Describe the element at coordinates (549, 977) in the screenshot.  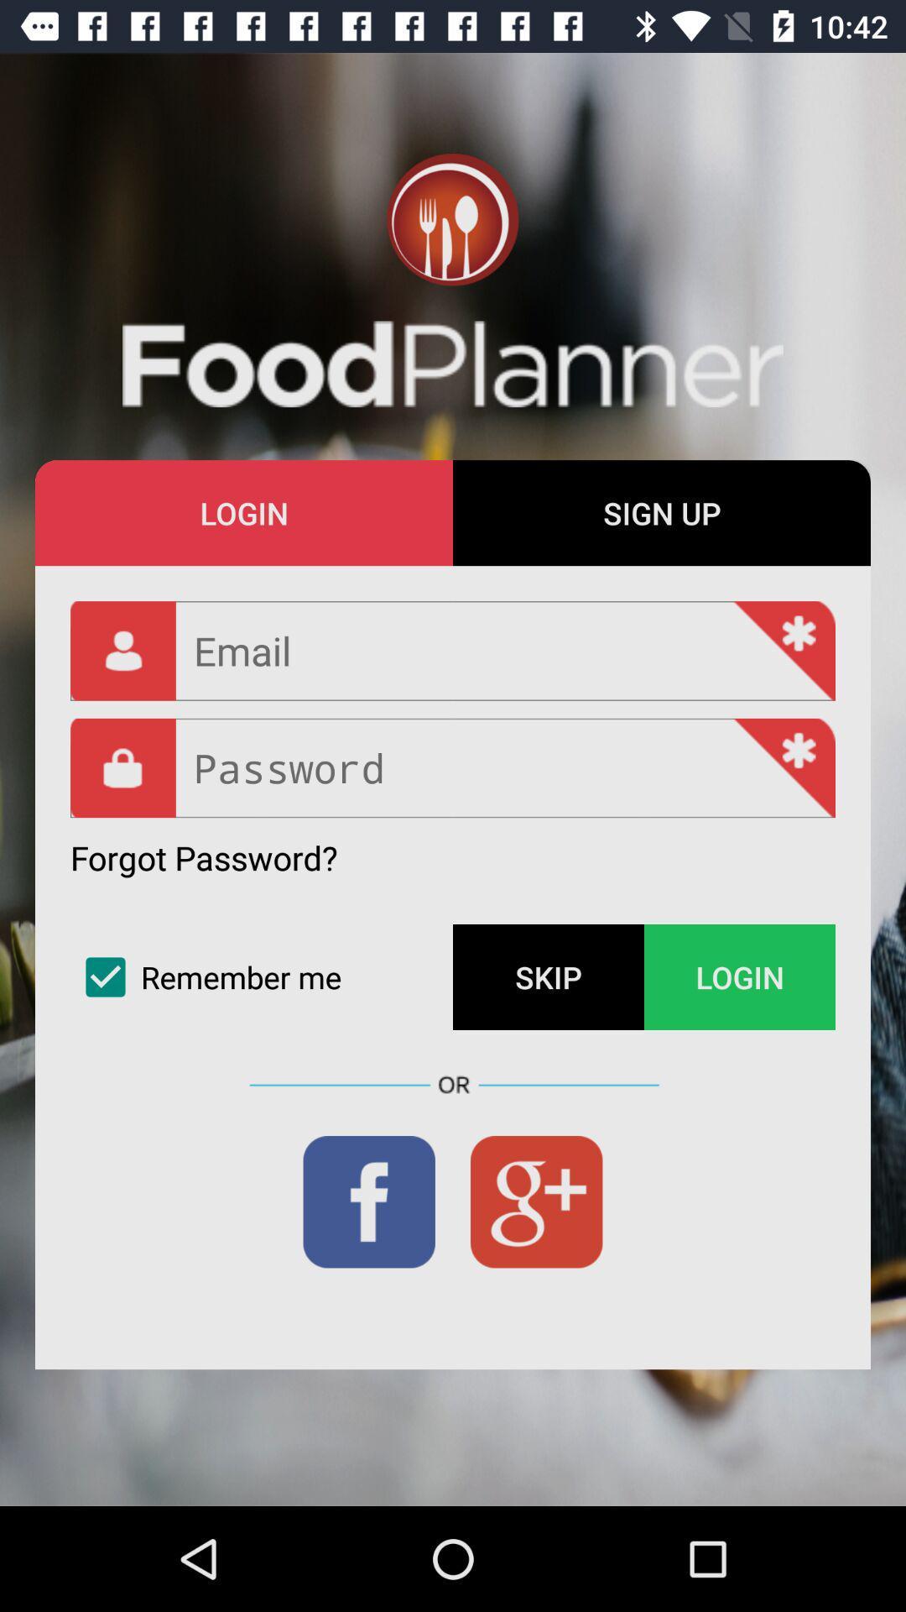
I see `the skip icon` at that location.